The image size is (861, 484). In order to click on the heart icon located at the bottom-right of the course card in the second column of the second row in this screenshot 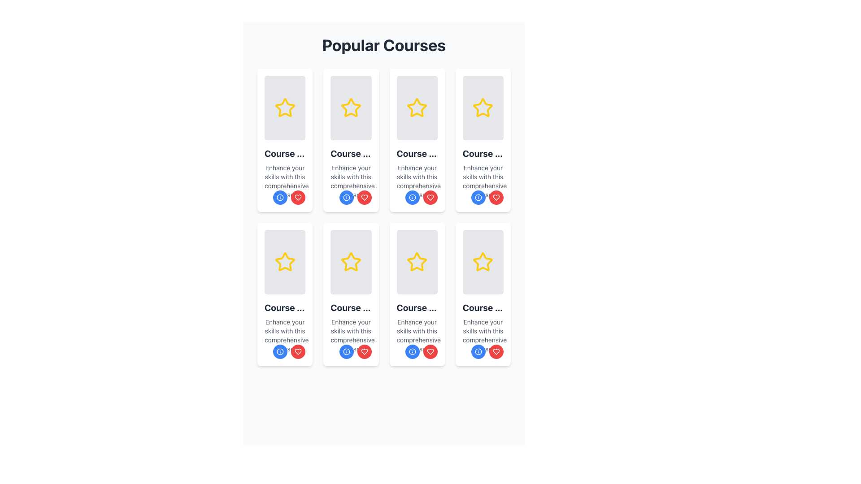, I will do `click(430, 197)`.